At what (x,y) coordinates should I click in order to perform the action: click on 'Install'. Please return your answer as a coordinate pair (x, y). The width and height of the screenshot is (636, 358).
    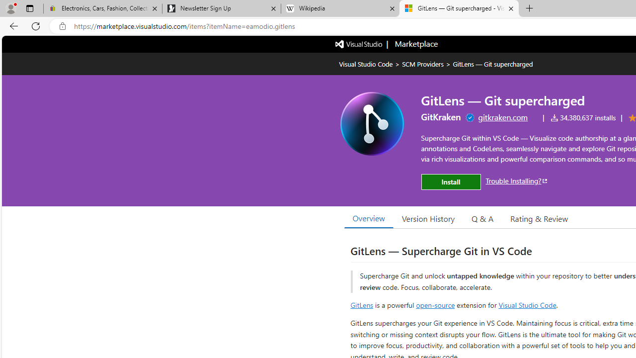
    Looking at the image, I should click on (450, 182).